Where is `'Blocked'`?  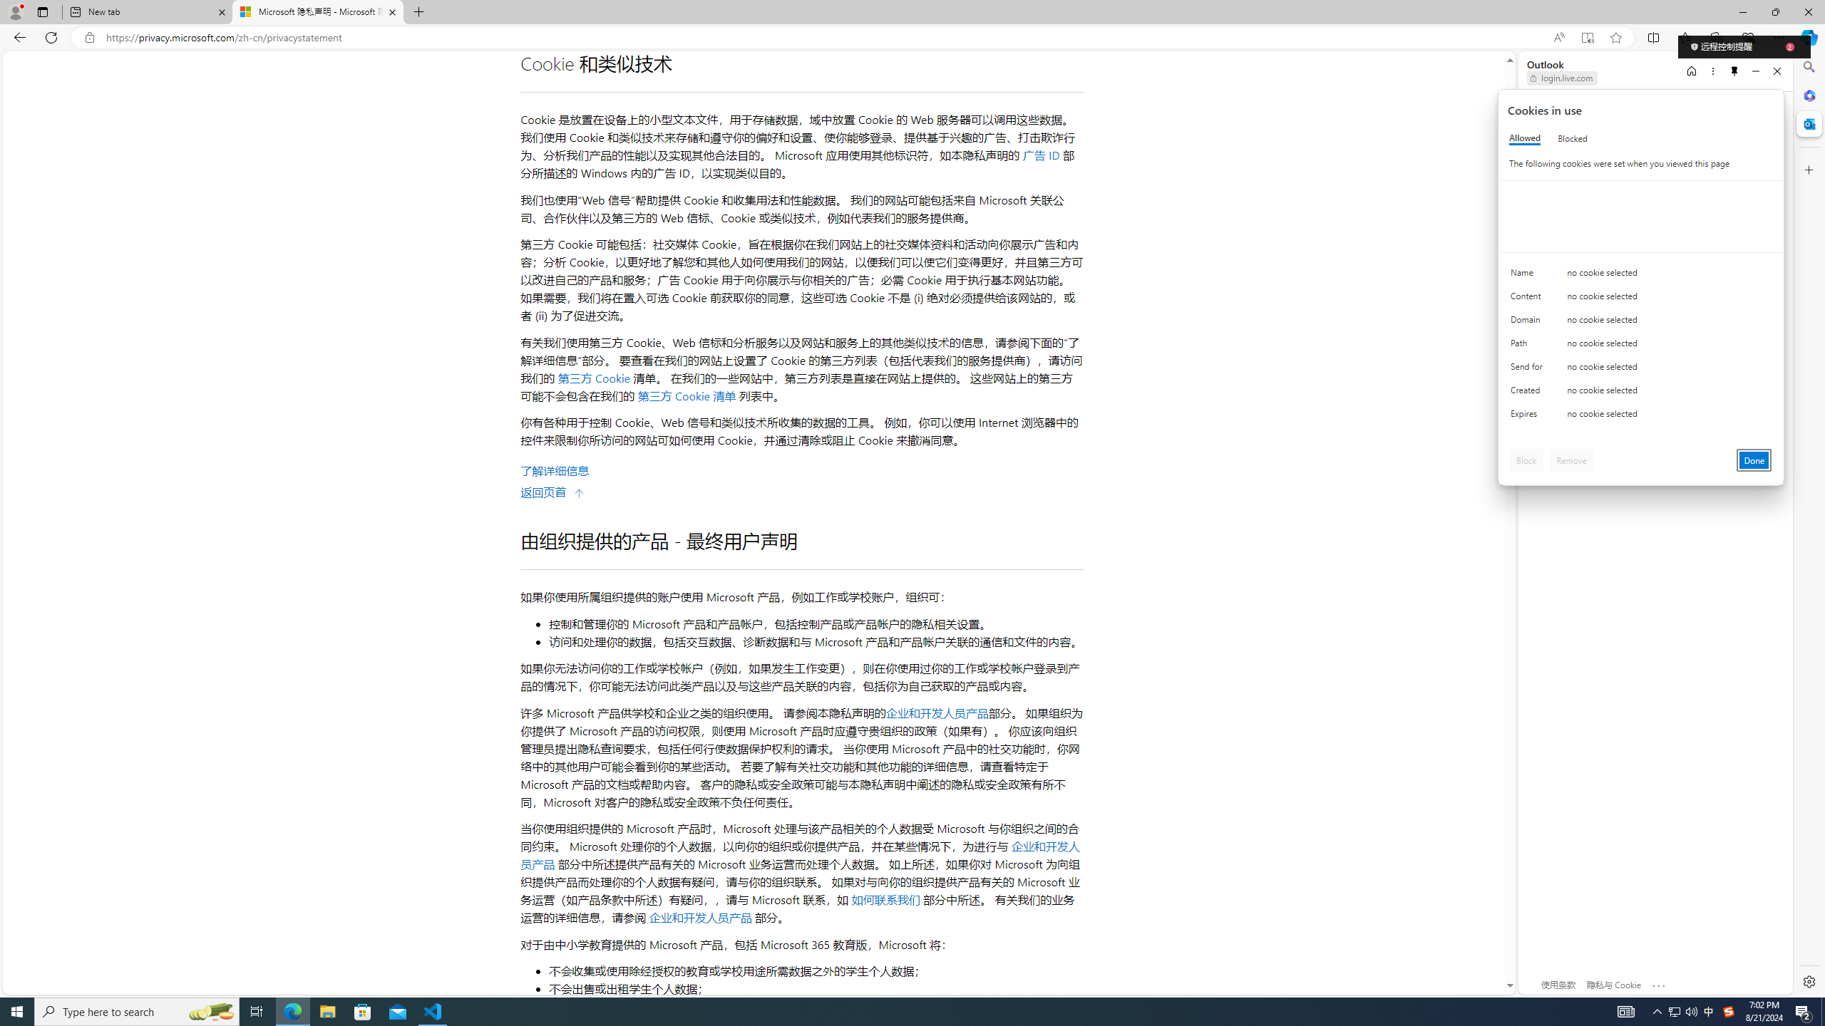
'Blocked' is located at coordinates (1572, 138).